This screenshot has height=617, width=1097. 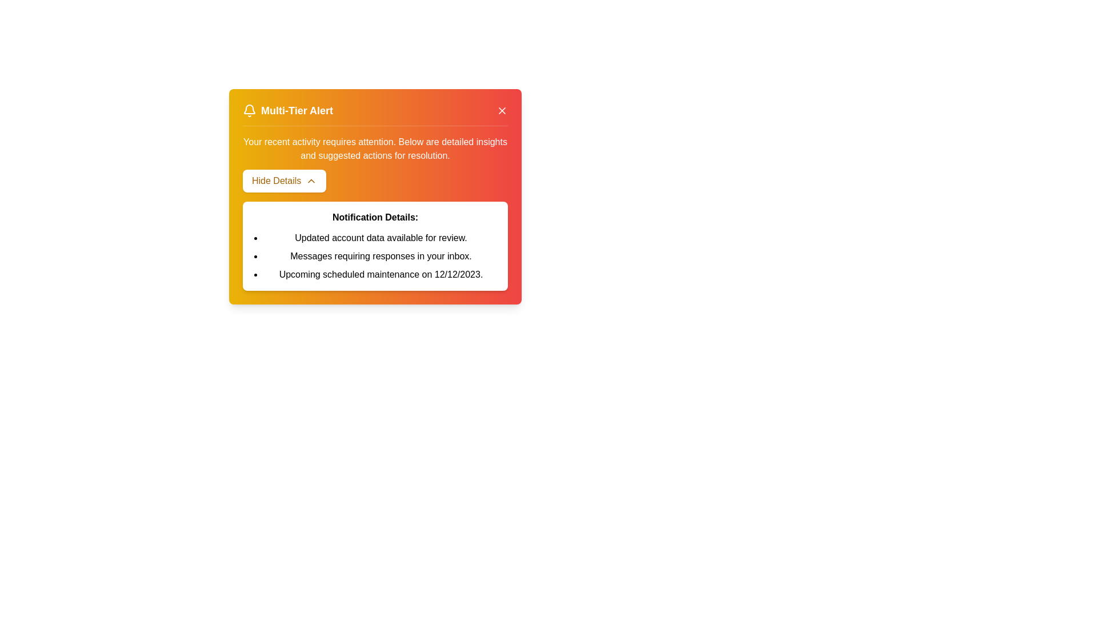 I want to click on 'Hide Details' button to toggle the visibility of the detailed notification information, so click(x=285, y=180).